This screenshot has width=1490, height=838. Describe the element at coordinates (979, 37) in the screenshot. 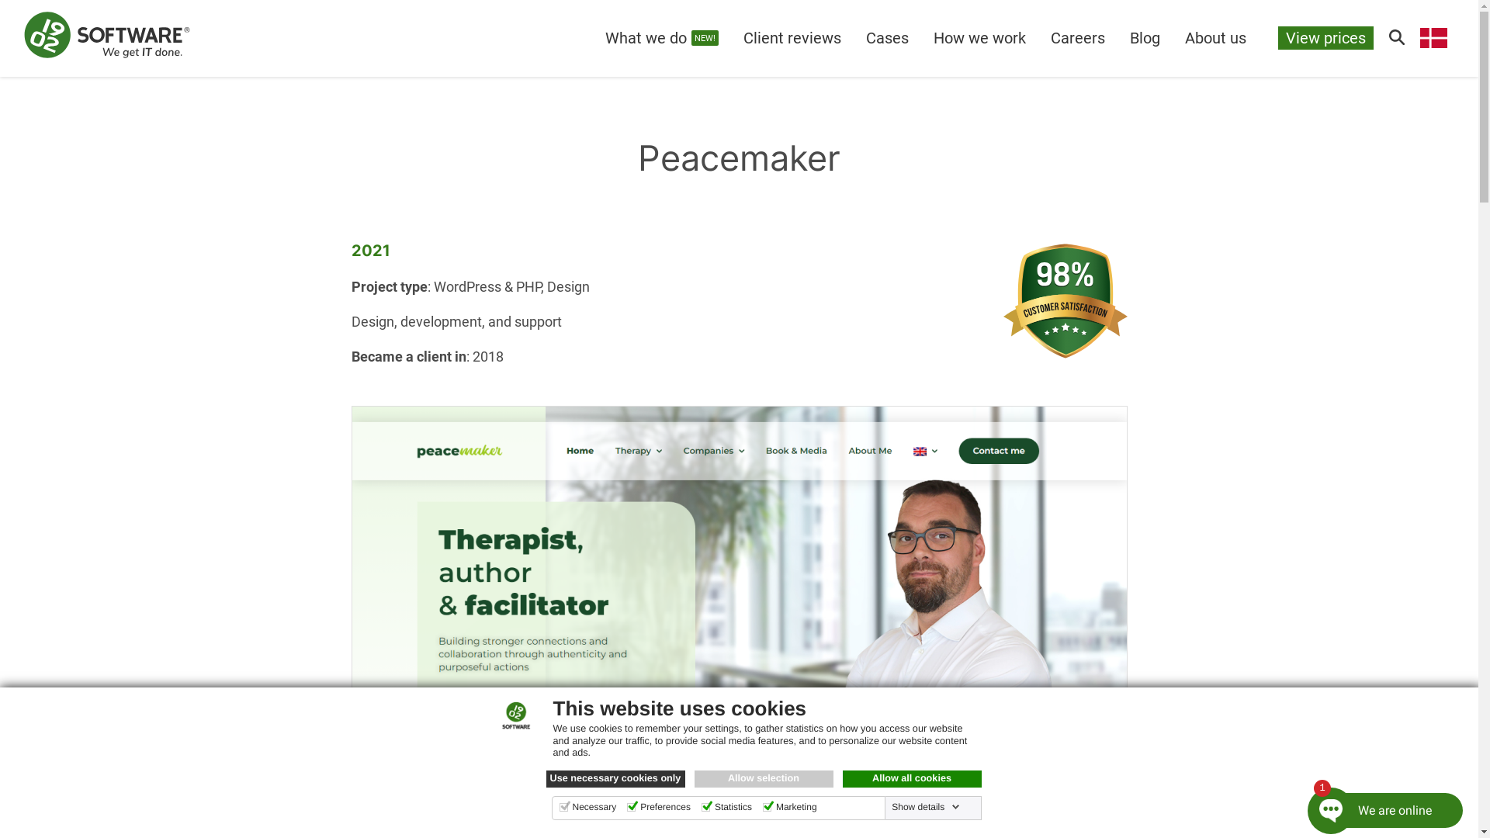

I see `'How we work'` at that location.